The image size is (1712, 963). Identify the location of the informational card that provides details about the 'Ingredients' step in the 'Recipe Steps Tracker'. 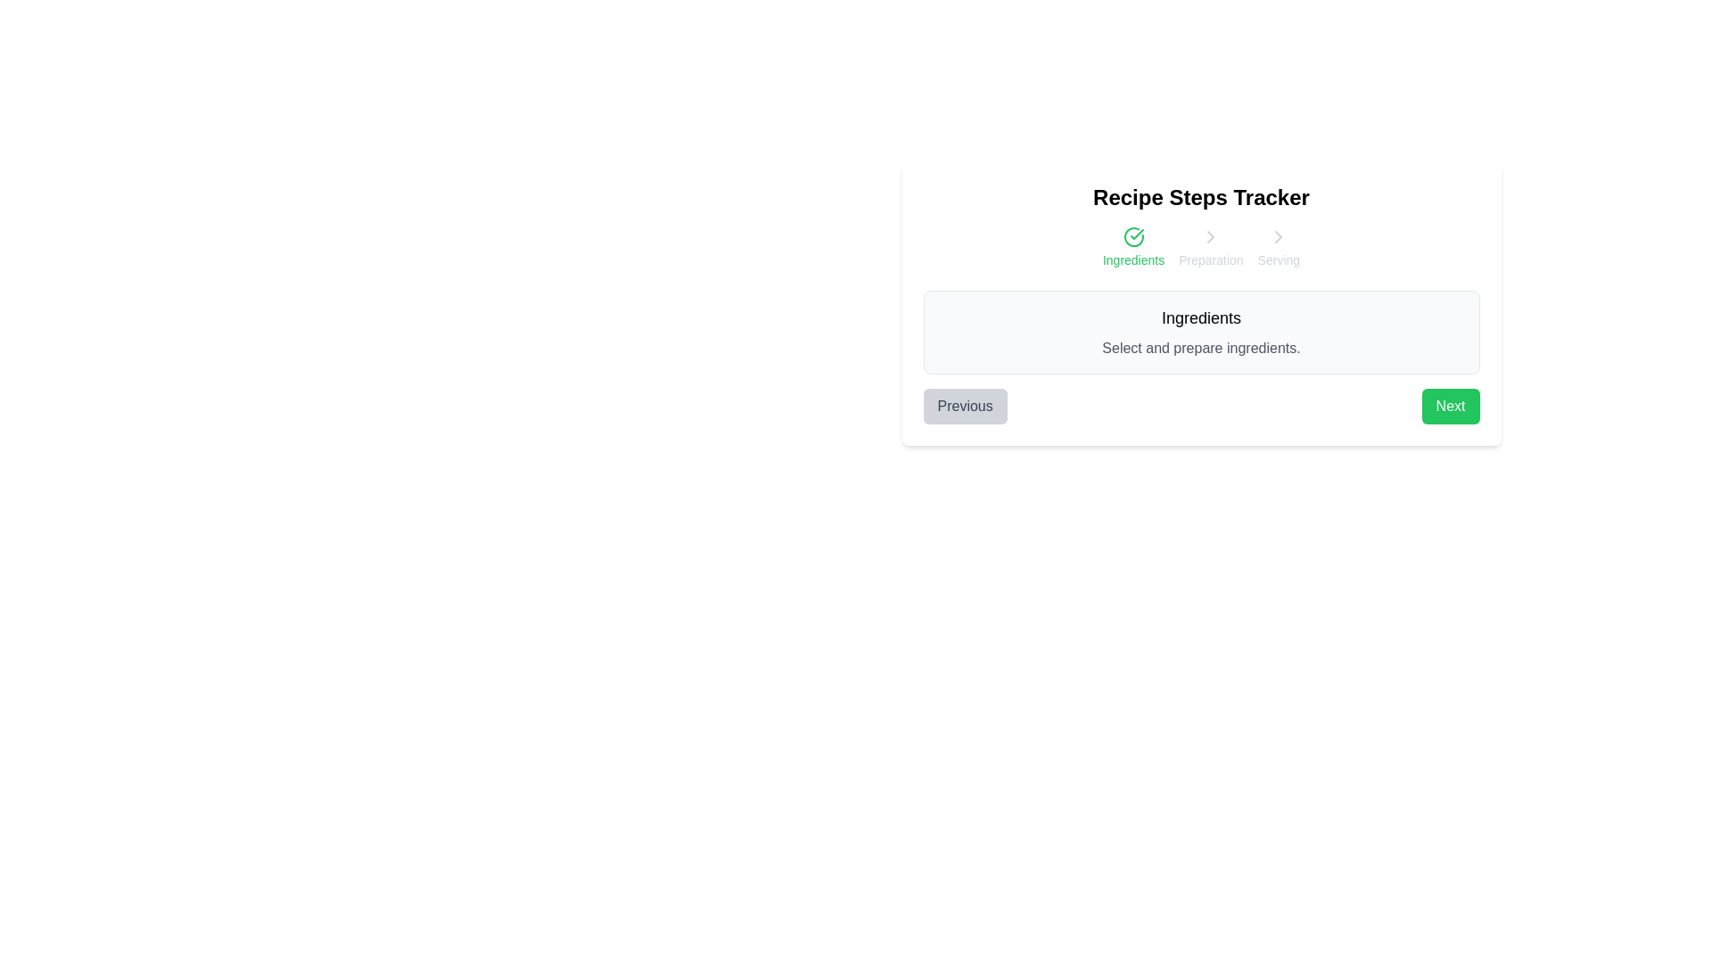
(1201, 333).